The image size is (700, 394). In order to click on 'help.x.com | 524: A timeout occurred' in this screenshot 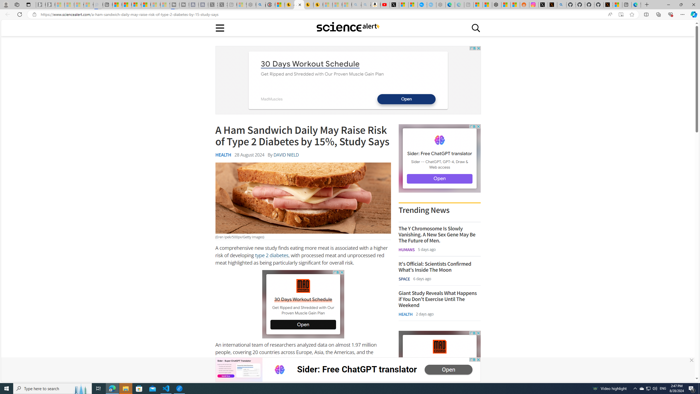, I will do `click(552, 4)`.